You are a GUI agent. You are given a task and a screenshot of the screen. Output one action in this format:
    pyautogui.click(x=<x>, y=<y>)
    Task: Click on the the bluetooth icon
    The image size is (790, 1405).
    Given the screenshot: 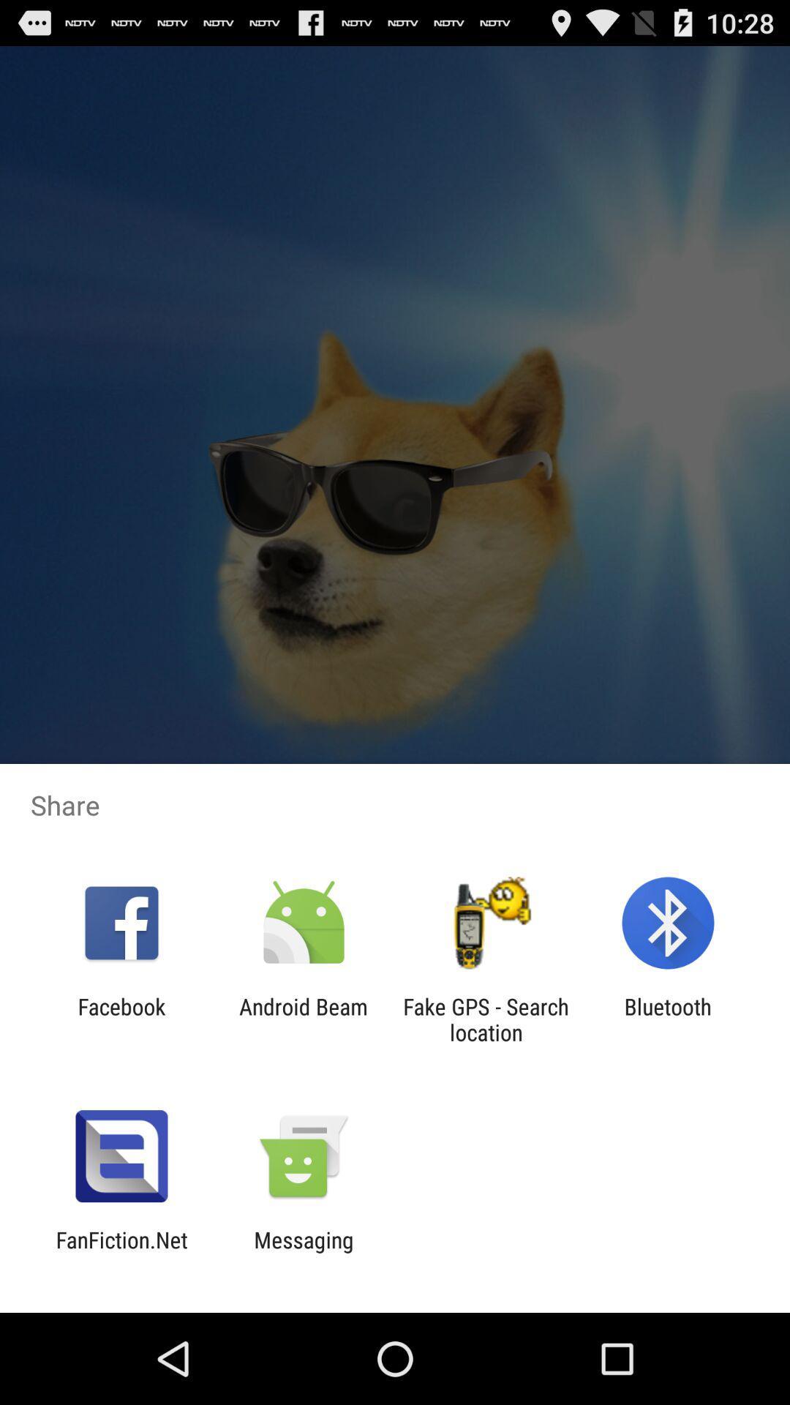 What is the action you would take?
    pyautogui.click(x=668, y=1019)
    